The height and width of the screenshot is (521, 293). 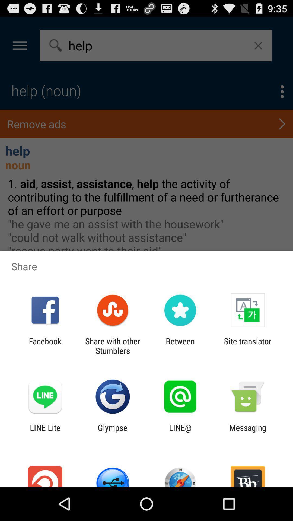 What do you see at coordinates (112, 432) in the screenshot?
I see `app next to the line@ app` at bounding box center [112, 432].